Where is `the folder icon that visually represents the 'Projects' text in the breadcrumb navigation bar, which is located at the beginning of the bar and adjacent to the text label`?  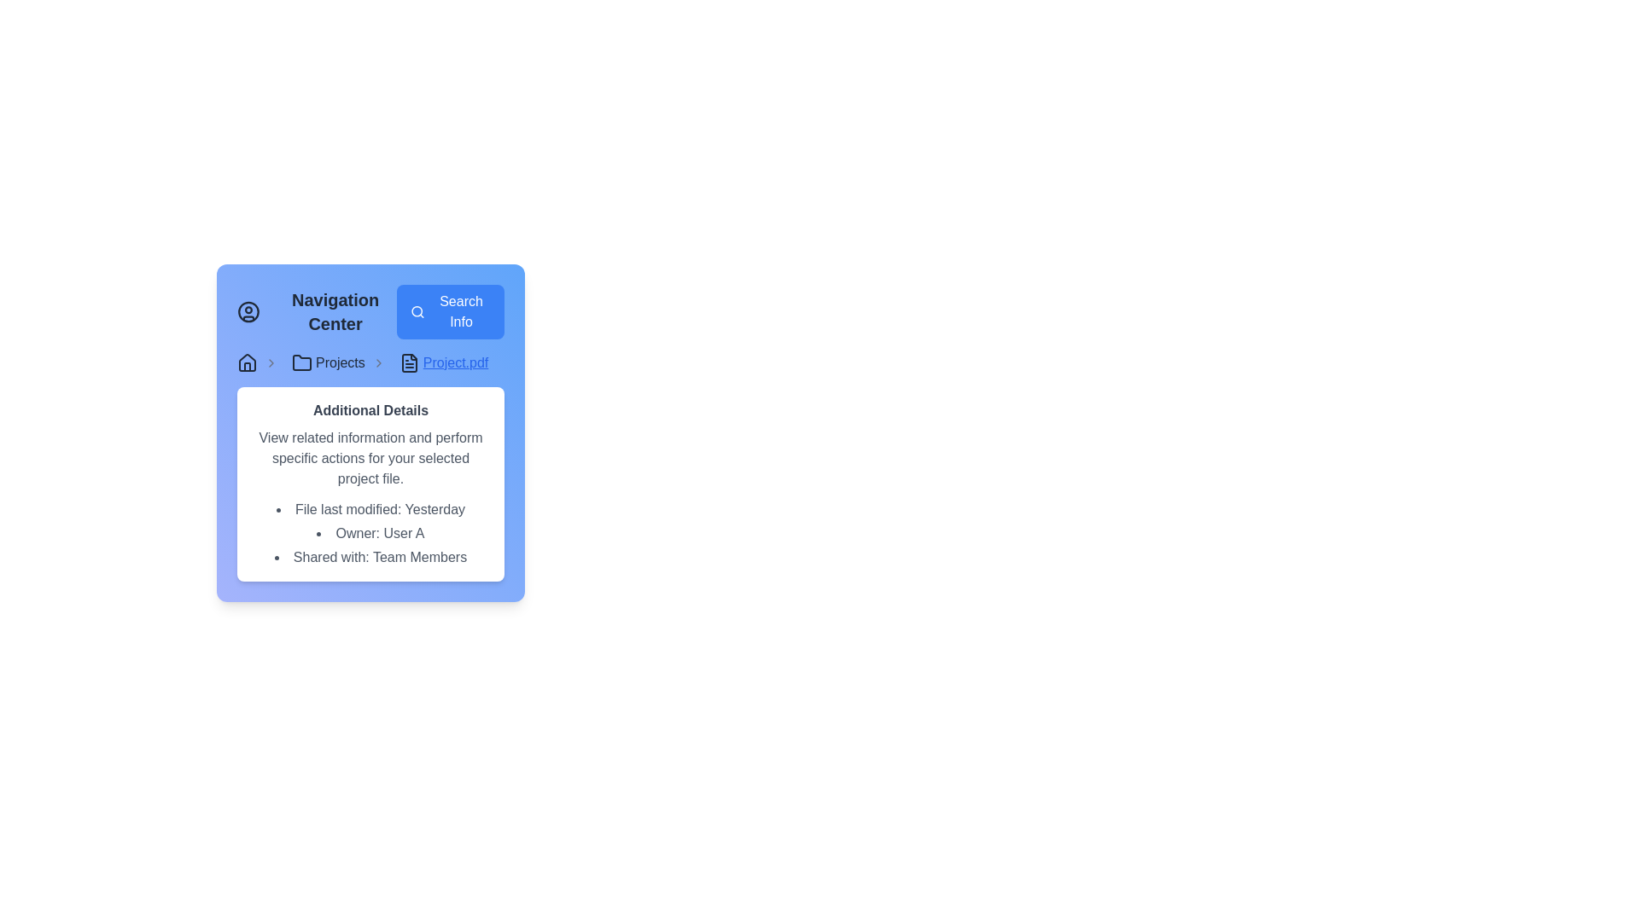 the folder icon that visually represents the 'Projects' text in the breadcrumb navigation bar, which is located at the beginning of the bar and adjacent to the text label is located at coordinates (302, 362).